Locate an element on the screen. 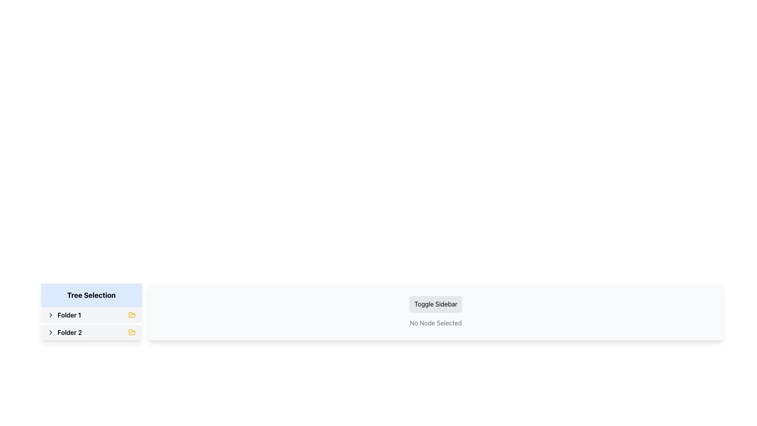 This screenshot has width=757, height=426. the first folder entry in the navigation tree under 'Tree Selection' is located at coordinates (91, 314).